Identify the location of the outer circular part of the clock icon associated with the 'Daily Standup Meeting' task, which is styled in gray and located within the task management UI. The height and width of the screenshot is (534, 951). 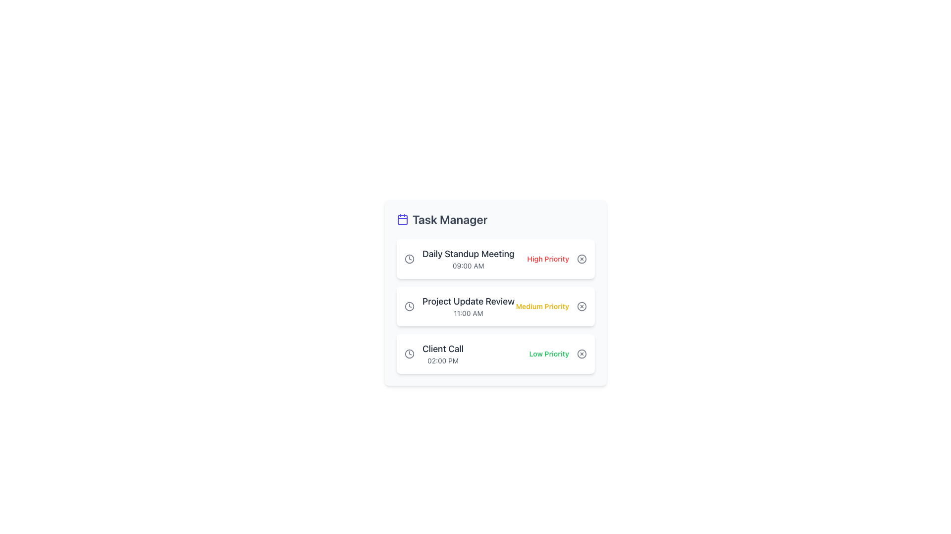
(409, 259).